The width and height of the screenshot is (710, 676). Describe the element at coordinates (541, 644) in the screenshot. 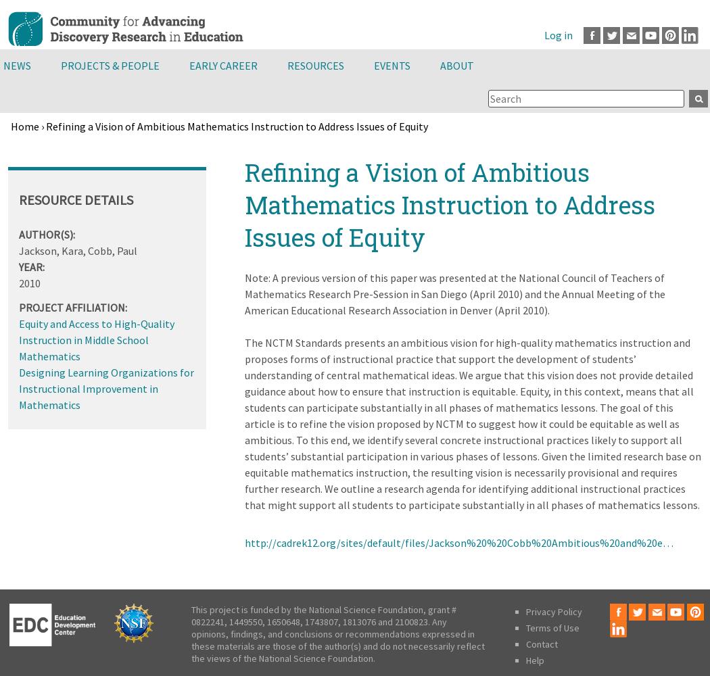

I see `'Contact'` at that location.